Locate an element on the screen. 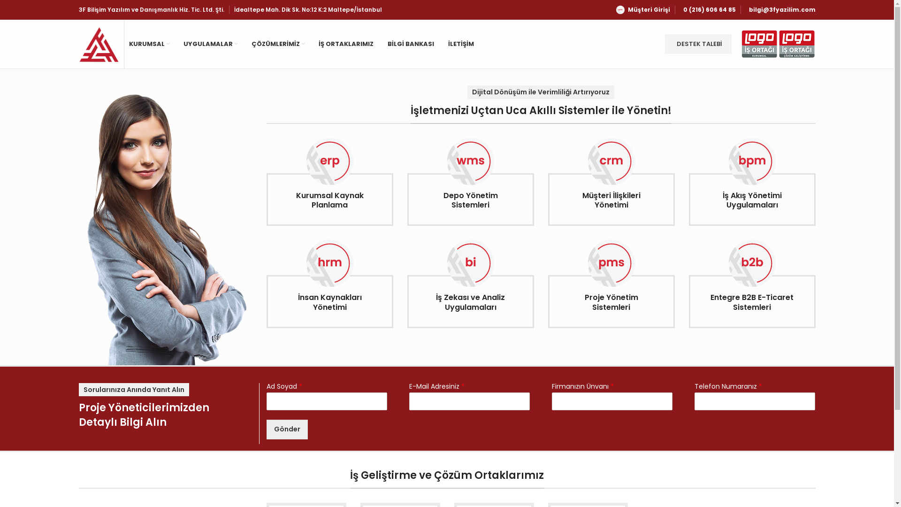 This screenshot has width=901, height=507. 'bilgi@3fyazilim.com' is located at coordinates (745, 9).